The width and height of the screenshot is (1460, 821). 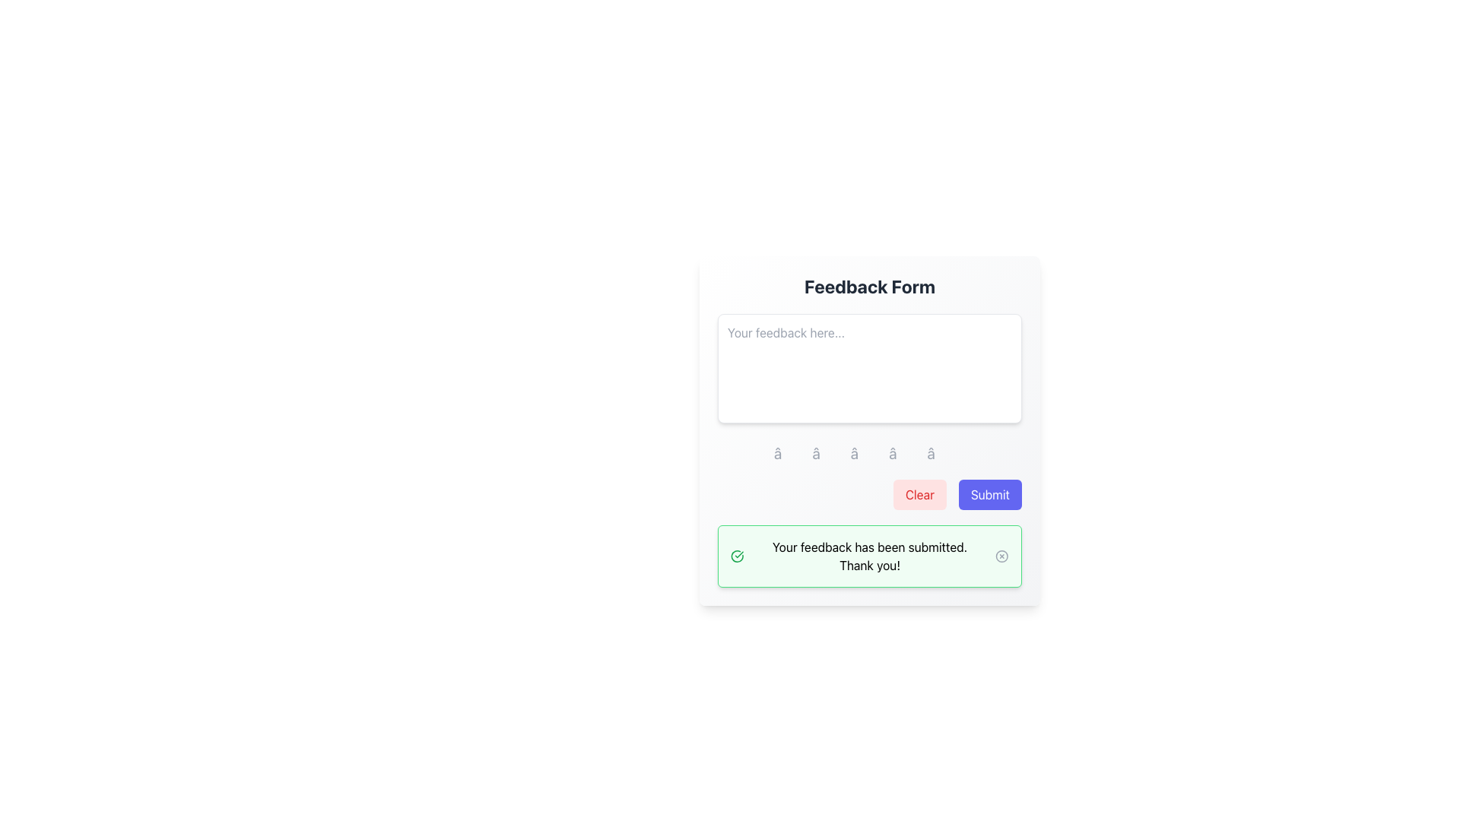 I want to click on the 'Submit' button, which is a vibrant indigo rectangular button with rounded corners that contains the white text 'Submit', positioned towards the right side of the form, so click(x=990, y=495).